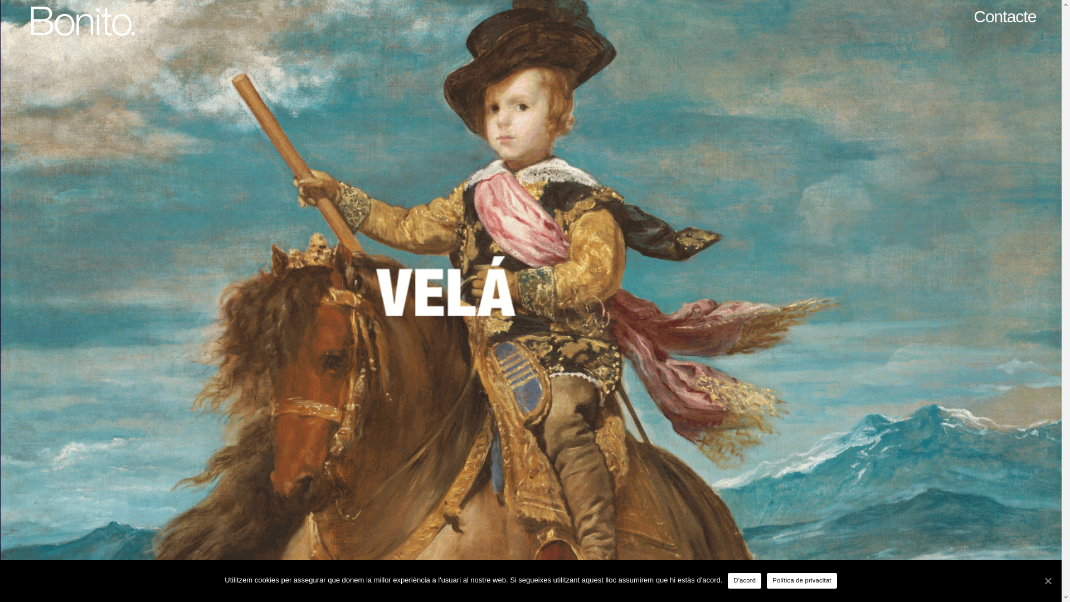  What do you see at coordinates (744, 580) in the screenshot?
I see `'D'acord'` at bounding box center [744, 580].